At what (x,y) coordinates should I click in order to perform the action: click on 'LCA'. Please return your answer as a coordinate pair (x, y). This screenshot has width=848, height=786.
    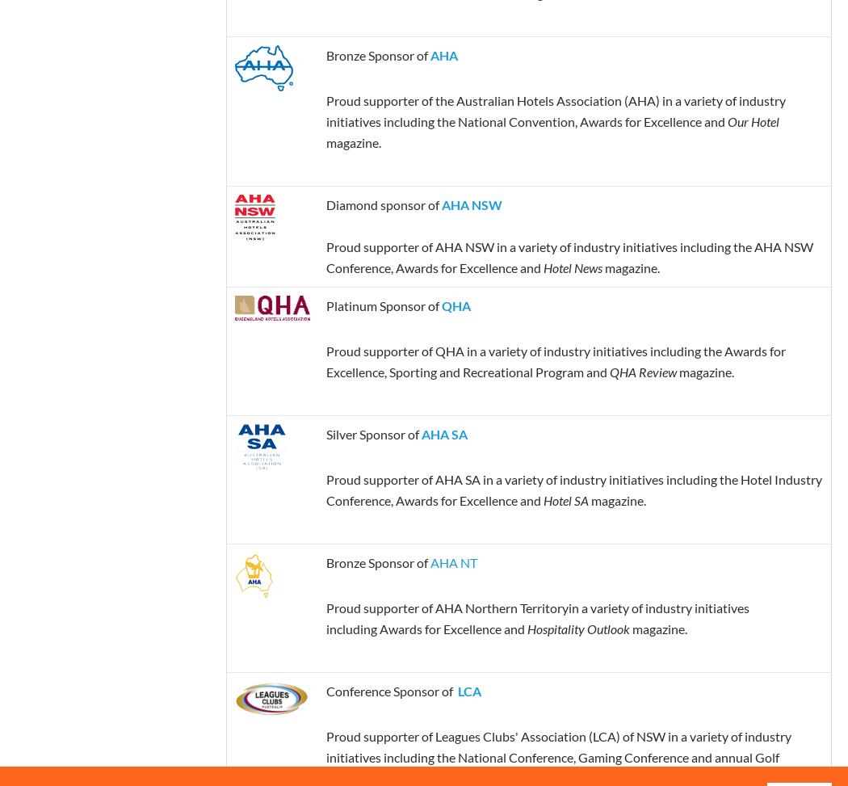
    Looking at the image, I should click on (455, 690).